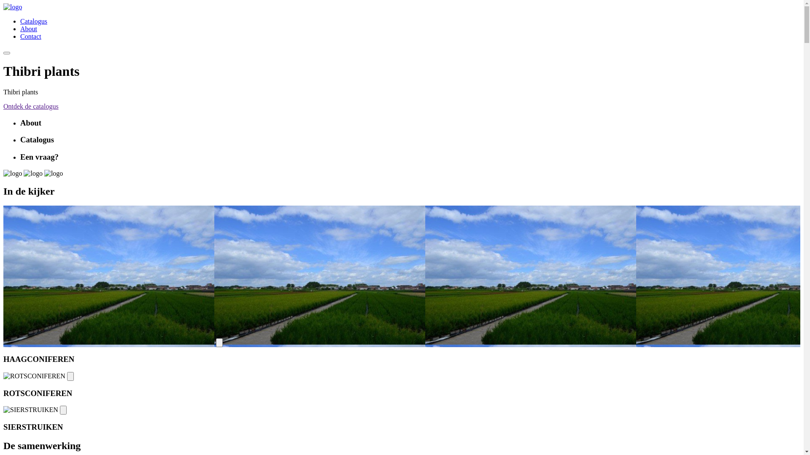 Image resolution: width=810 pixels, height=455 pixels. I want to click on 'Catalogus', so click(20, 21).